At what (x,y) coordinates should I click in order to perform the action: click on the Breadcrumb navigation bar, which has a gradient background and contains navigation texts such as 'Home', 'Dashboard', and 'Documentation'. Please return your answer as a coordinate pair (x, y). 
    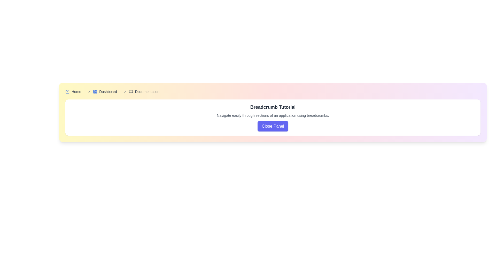
    Looking at the image, I should click on (273, 91).